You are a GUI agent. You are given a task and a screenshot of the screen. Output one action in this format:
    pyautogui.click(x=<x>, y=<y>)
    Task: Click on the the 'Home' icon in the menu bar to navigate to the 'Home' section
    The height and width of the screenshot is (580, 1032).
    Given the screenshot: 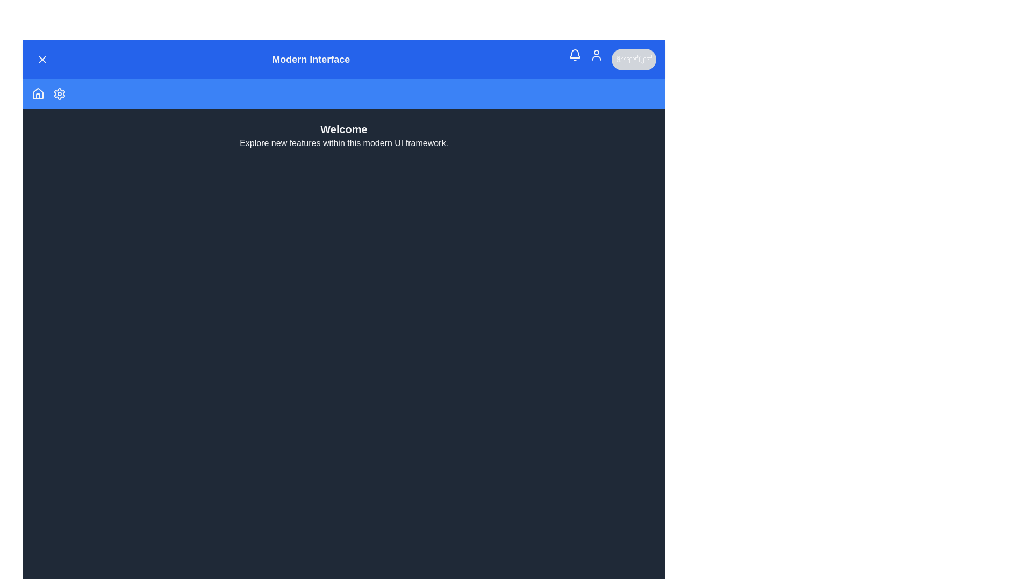 What is the action you would take?
    pyautogui.click(x=38, y=93)
    